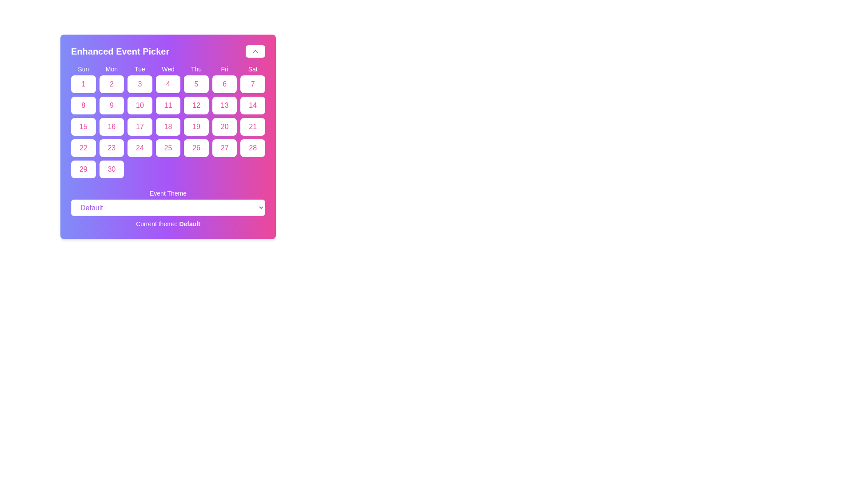 This screenshot has width=853, height=479. I want to click on the selectable date button for the 22nd date in the calendar UI located at the fifth row and first column of the grid, so click(83, 148).